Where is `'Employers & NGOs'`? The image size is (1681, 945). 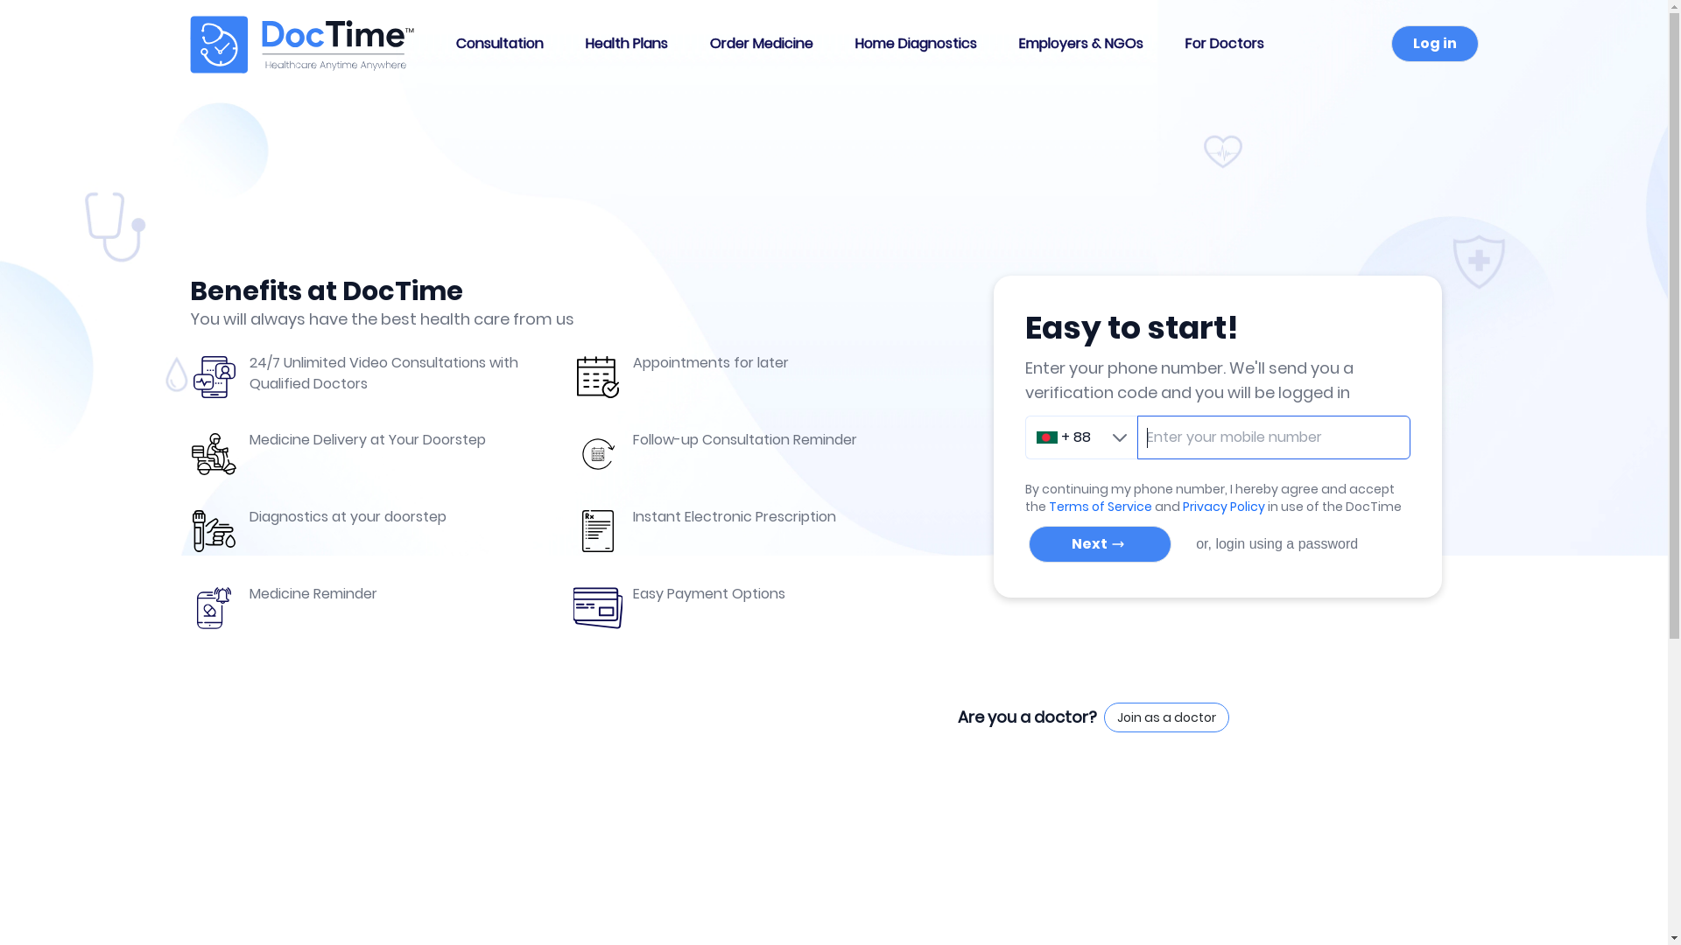
'Employers & NGOs' is located at coordinates (1080, 43).